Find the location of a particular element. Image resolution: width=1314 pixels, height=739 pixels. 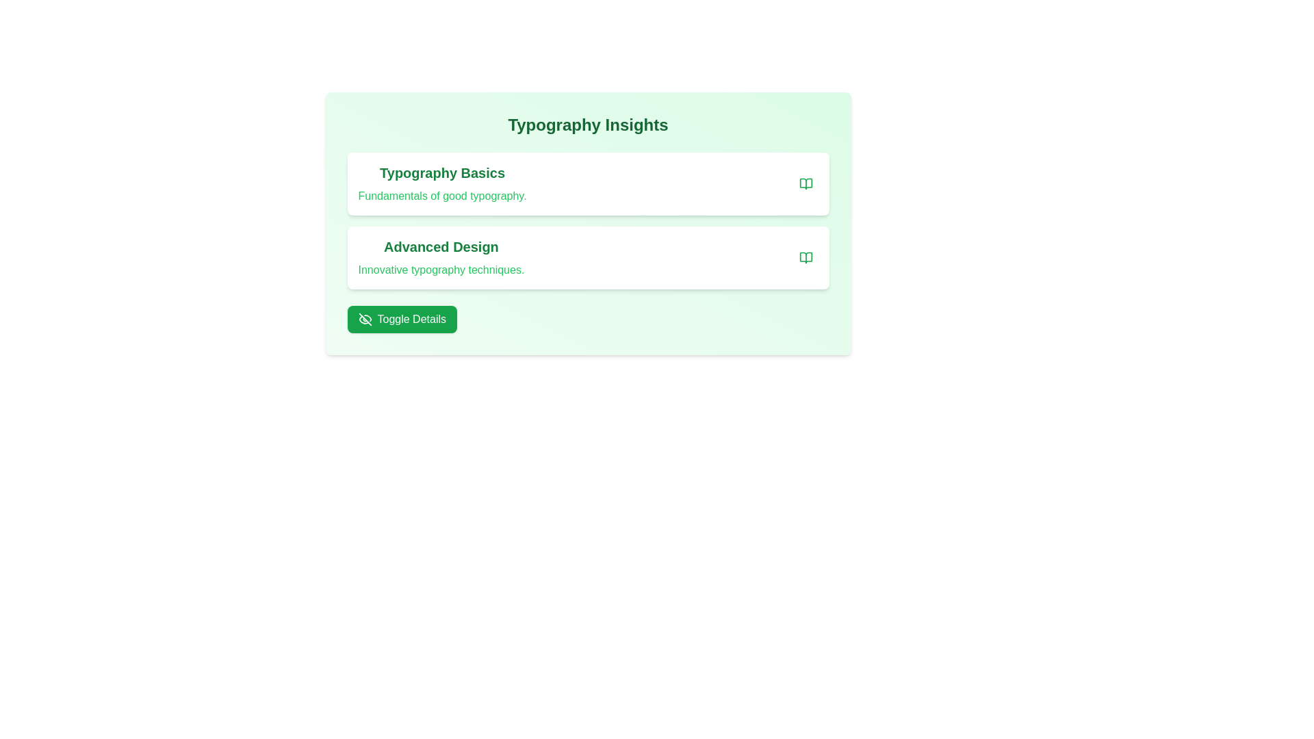

the button located below the 'Advanced Design' section in the 'Typography Insights' panel is located at coordinates (401, 319).